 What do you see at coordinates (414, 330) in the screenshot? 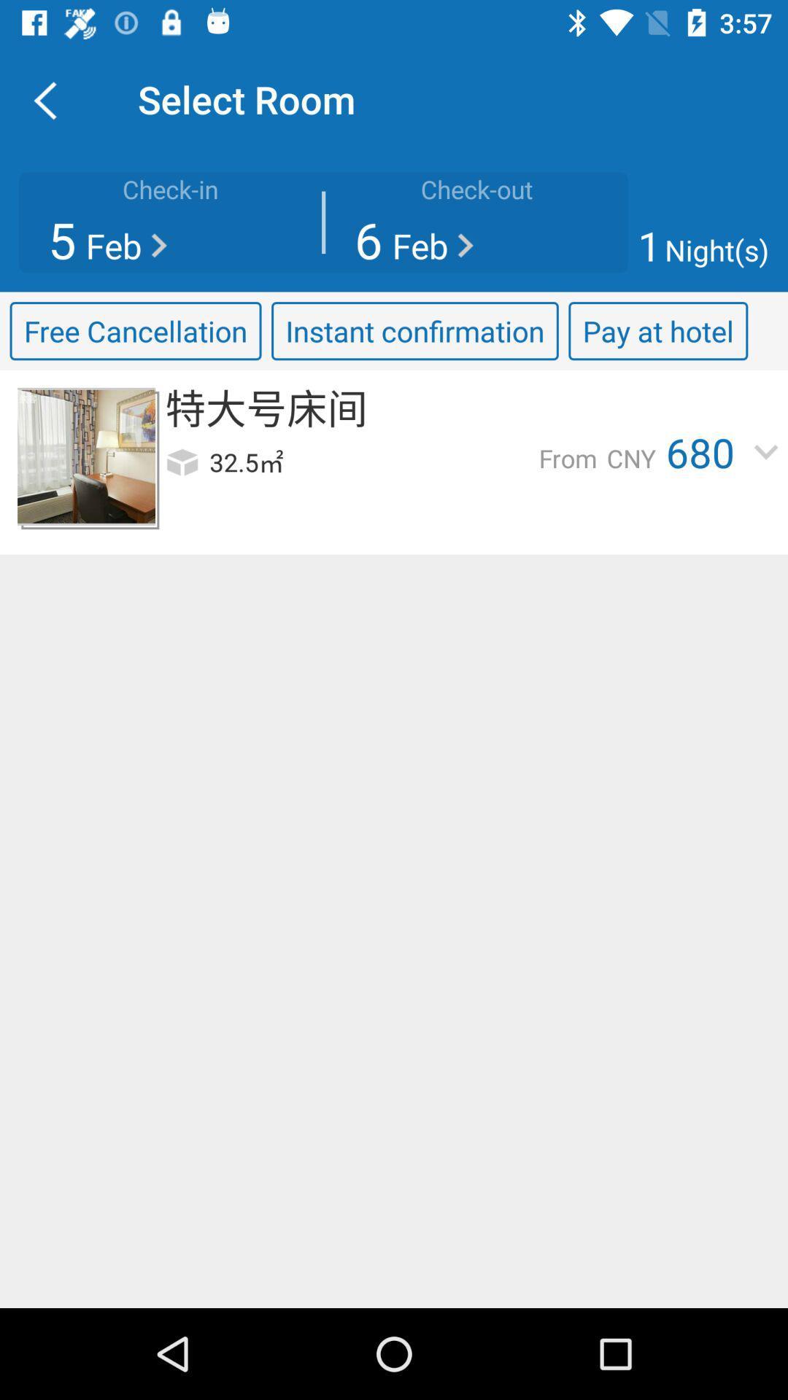
I see `icon to the right of free cancellation icon` at bounding box center [414, 330].